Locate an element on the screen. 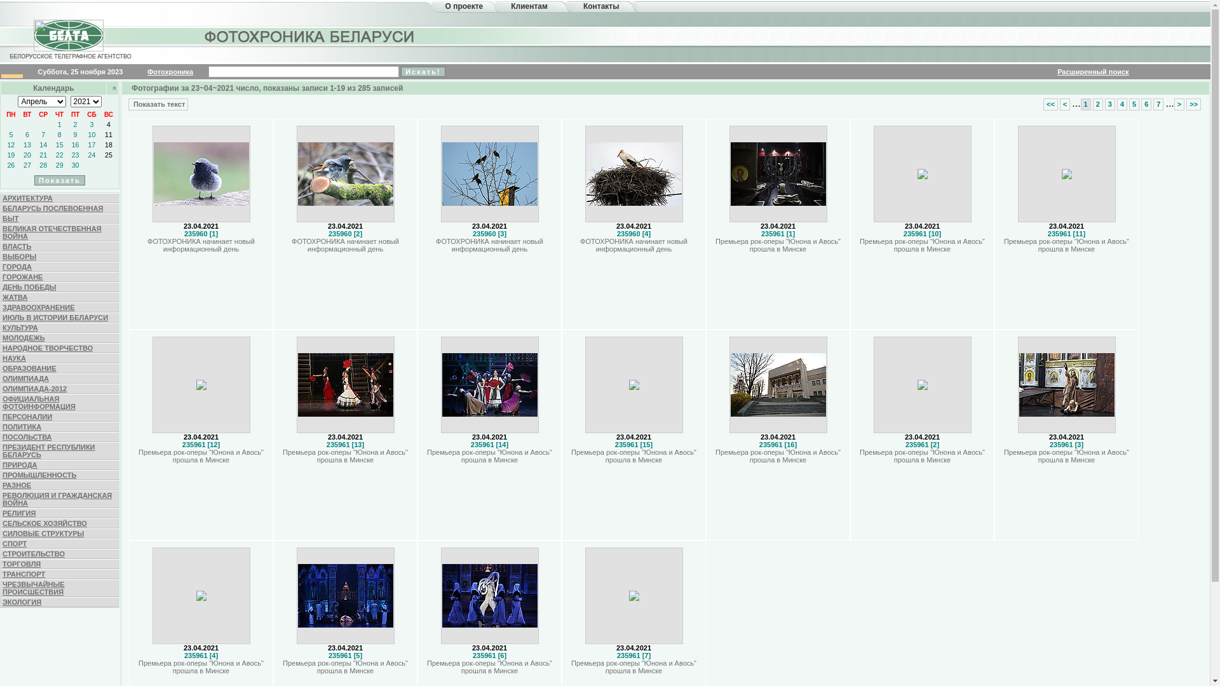 This screenshot has width=1220, height=686. '>>' is located at coordinates (1186, 103).